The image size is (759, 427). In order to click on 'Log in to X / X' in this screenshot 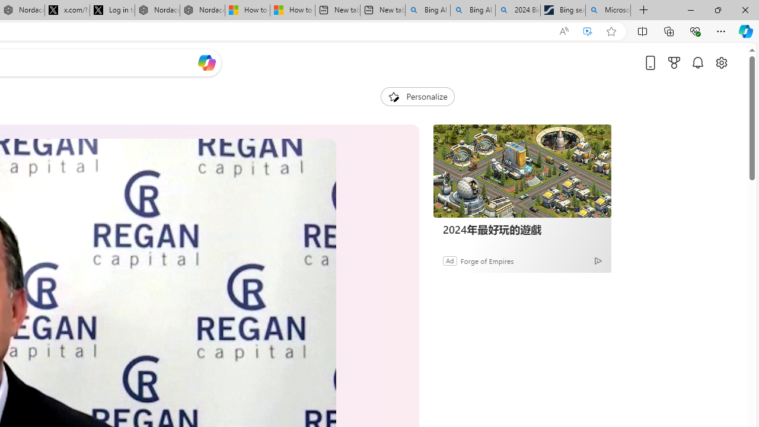, I will do `click(112, 10)`.